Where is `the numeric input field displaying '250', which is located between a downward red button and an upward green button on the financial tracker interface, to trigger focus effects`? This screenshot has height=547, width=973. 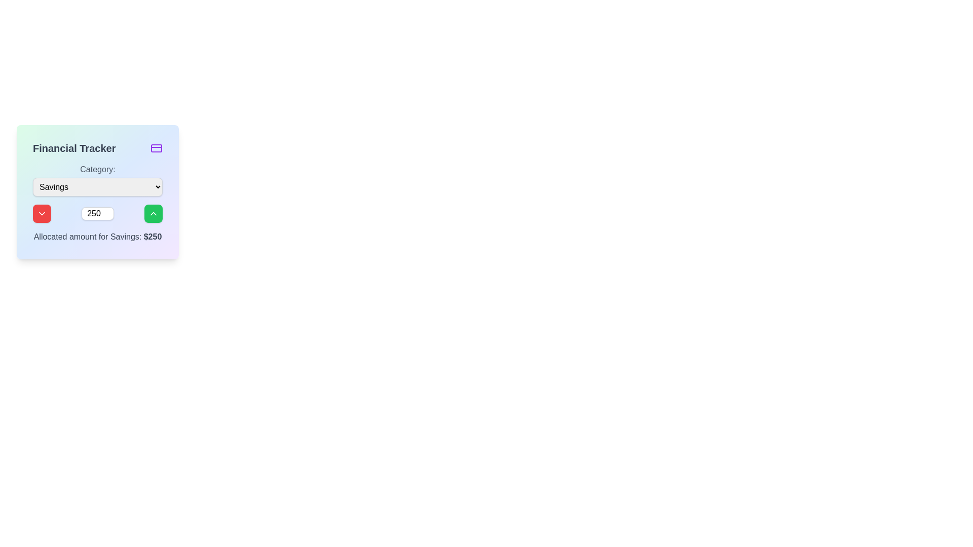
the numeric input field displaying '250', which is located between a downward red button and an upward green button on the financial tracker interface, to trigger focus effects is located at coordinates (97, 213).